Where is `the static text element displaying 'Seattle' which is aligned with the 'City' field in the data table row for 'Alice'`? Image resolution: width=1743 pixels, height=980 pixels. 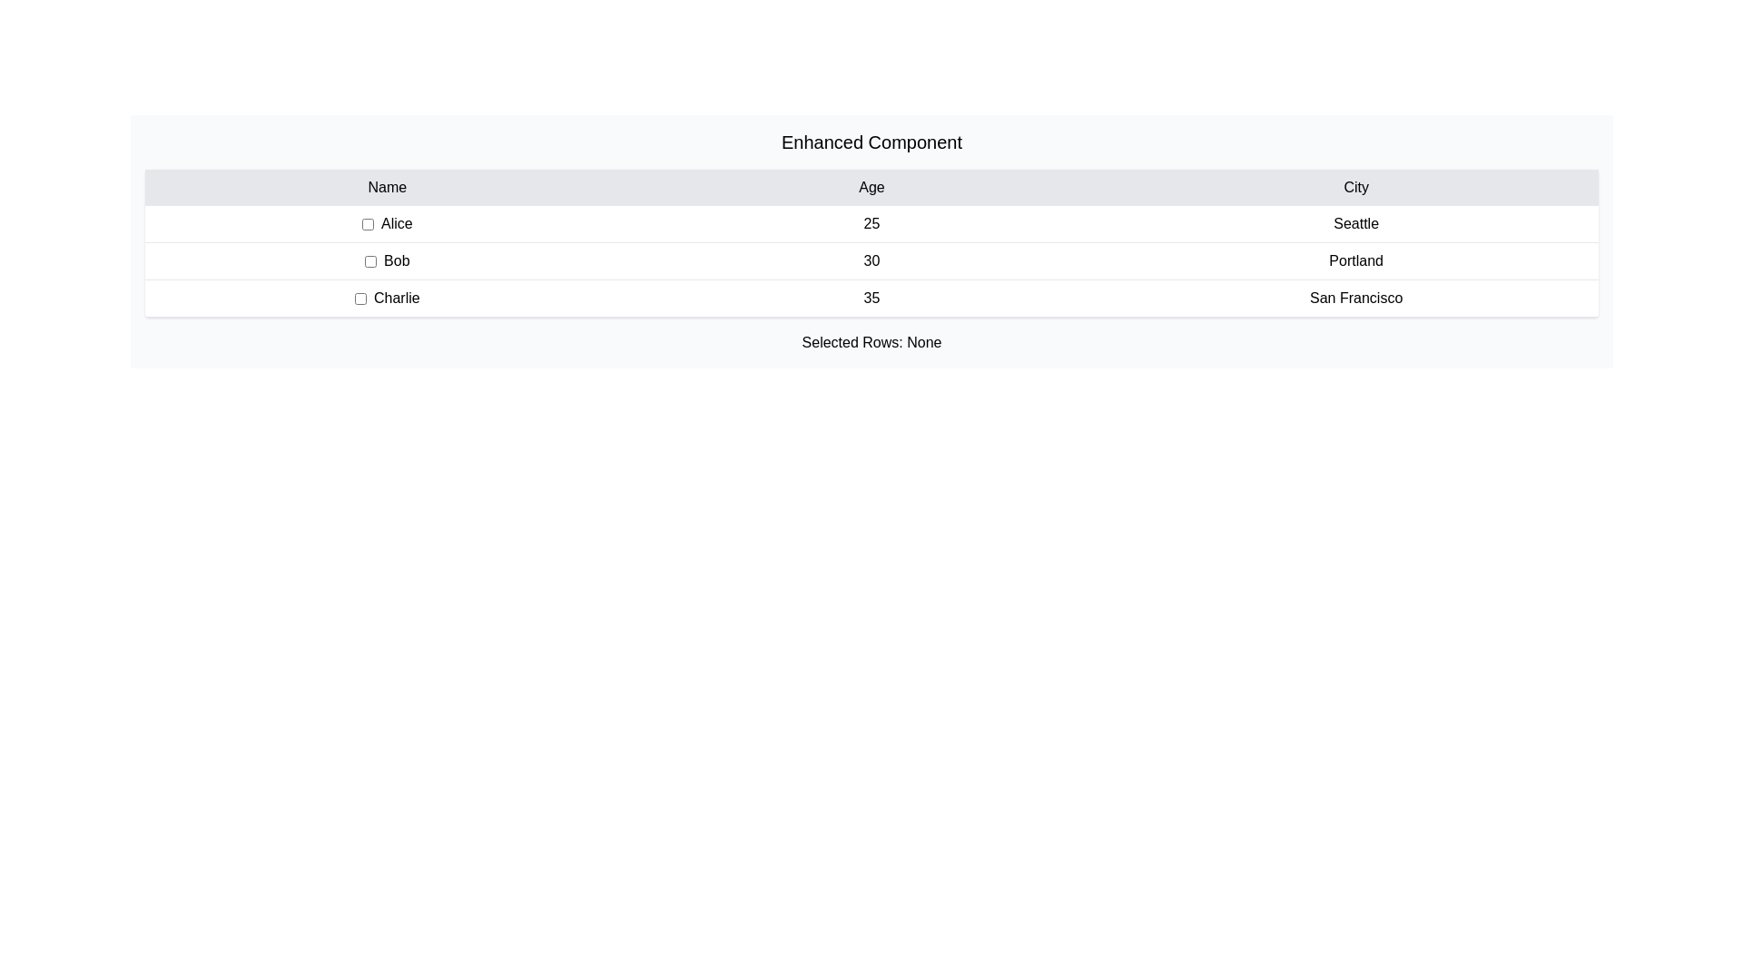 the static text element displaying 'Seattle' which is aligned with the 'City' field in the data table row for 'Alice' is located at coordinates (1356, 222).